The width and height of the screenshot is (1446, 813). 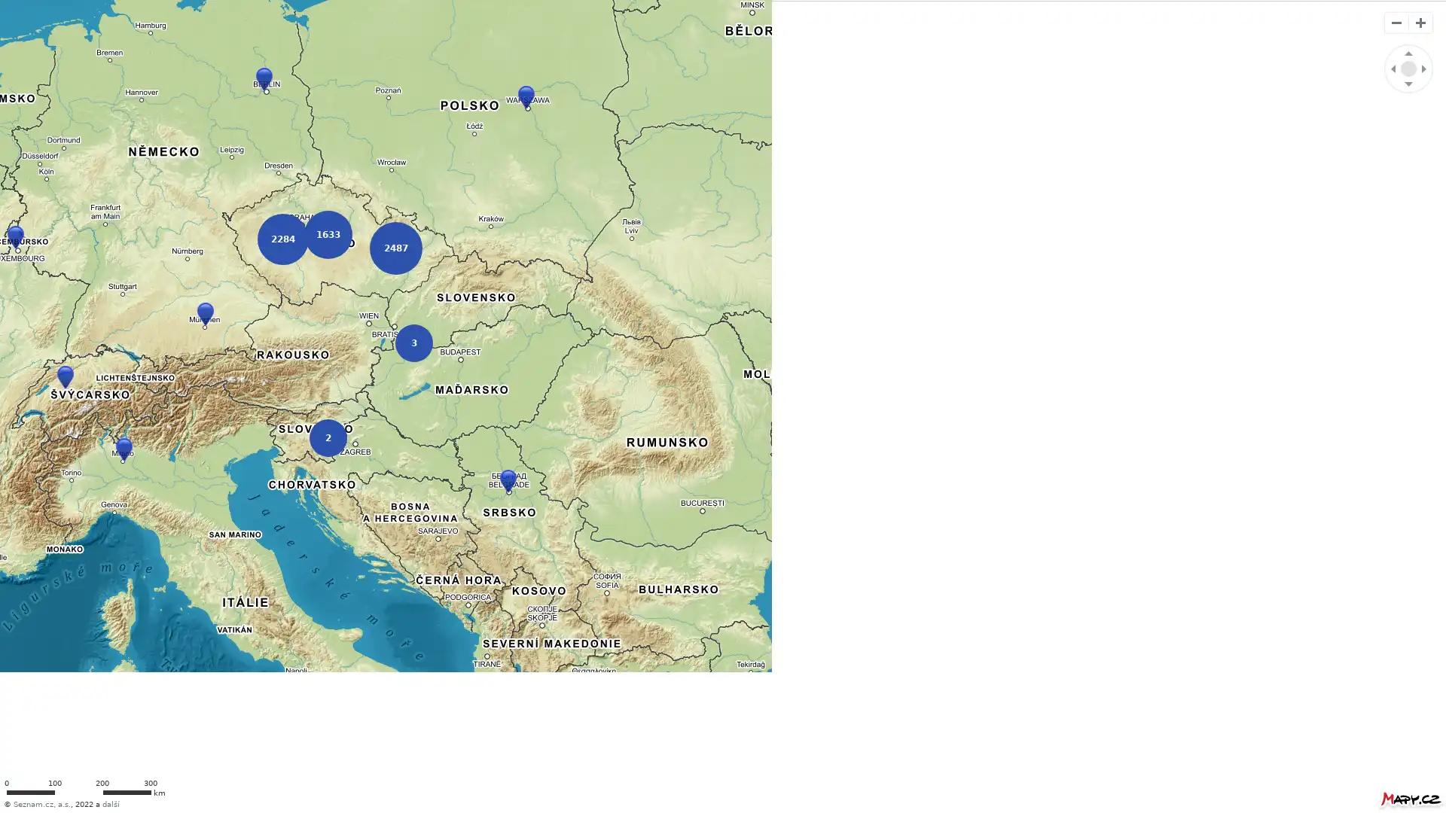 What do you see at coordinates (1420, 23) in the screenshot?
I see `Priblizit` at bounding box center [1420, 23].